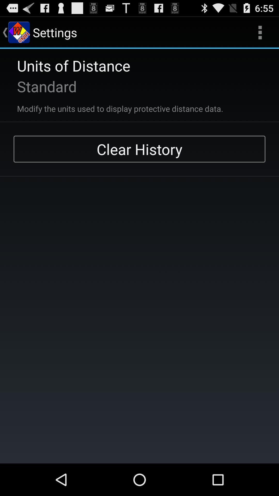 The width and height of the screenshot is (279, 496). What do you see at coordinates (113, 105) in the screenshot?
I see `the item above the clear history app` at bounding box center [113, 105].